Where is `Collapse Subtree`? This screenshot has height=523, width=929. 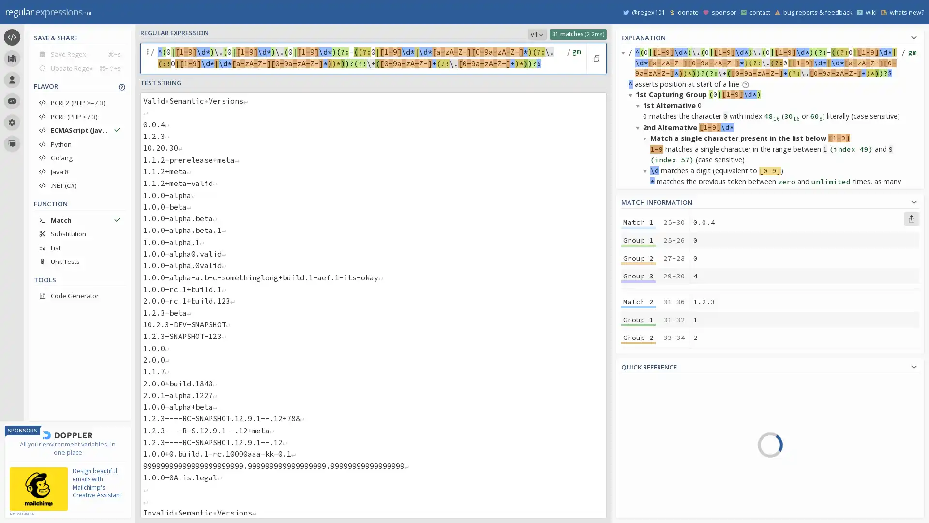 Collapse Subtree is located at coordinates (639, 509).